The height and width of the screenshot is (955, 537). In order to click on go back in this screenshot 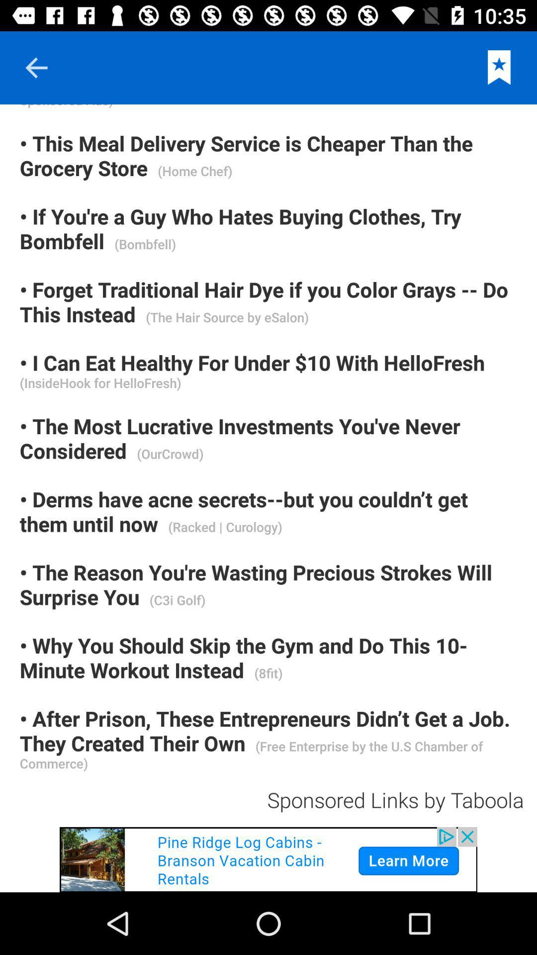, I will do `click(36, 67)`.